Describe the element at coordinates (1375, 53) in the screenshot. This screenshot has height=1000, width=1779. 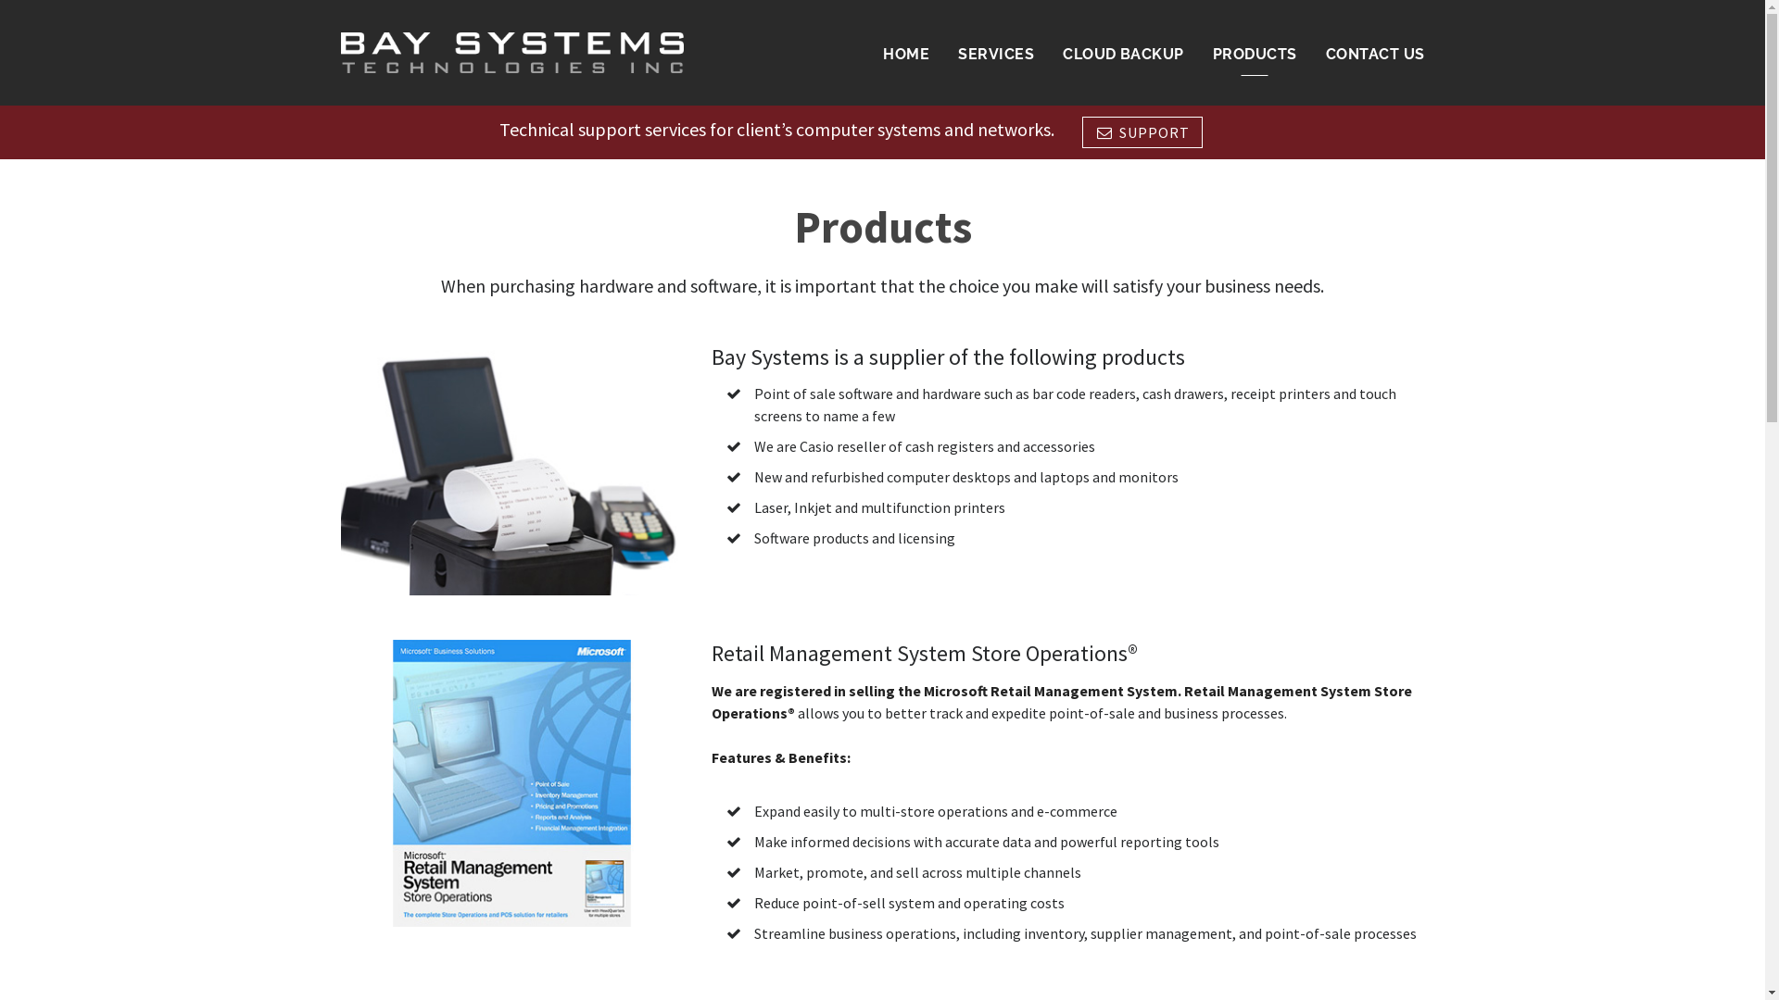
I see `'CONTACT US'` at that location.